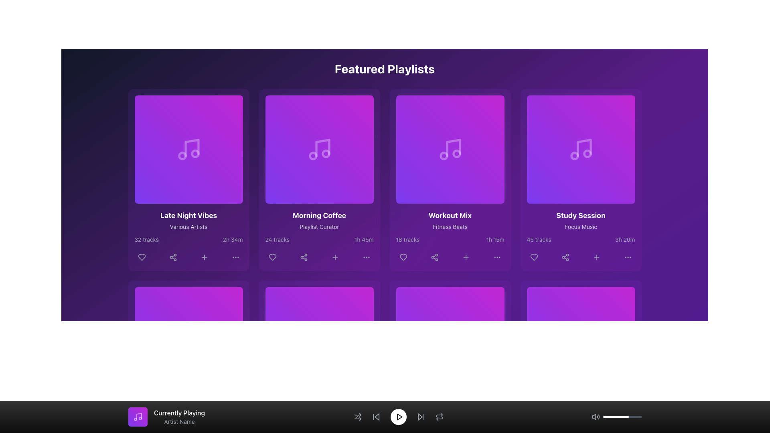  What do you see at coordinates (366, 257) in the screenshot?
I see `the button located in the bottom-right corner of the third playlist card ('Morning Coffee') to change its color` at bounding box center [366, 257].